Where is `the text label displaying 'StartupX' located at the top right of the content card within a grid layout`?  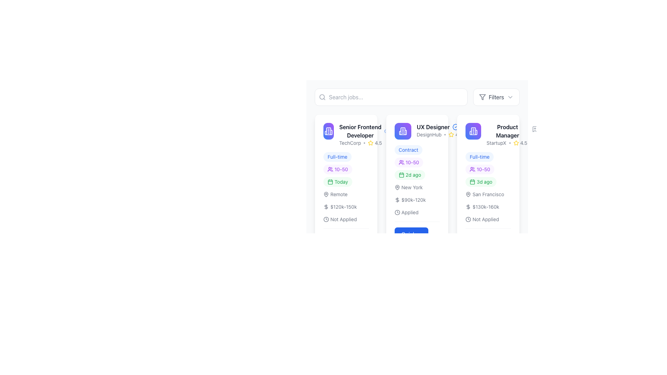
the text label displaying 'StartupX' located at the top right of the content card within a grid layout is located at coordinates (496, 143).